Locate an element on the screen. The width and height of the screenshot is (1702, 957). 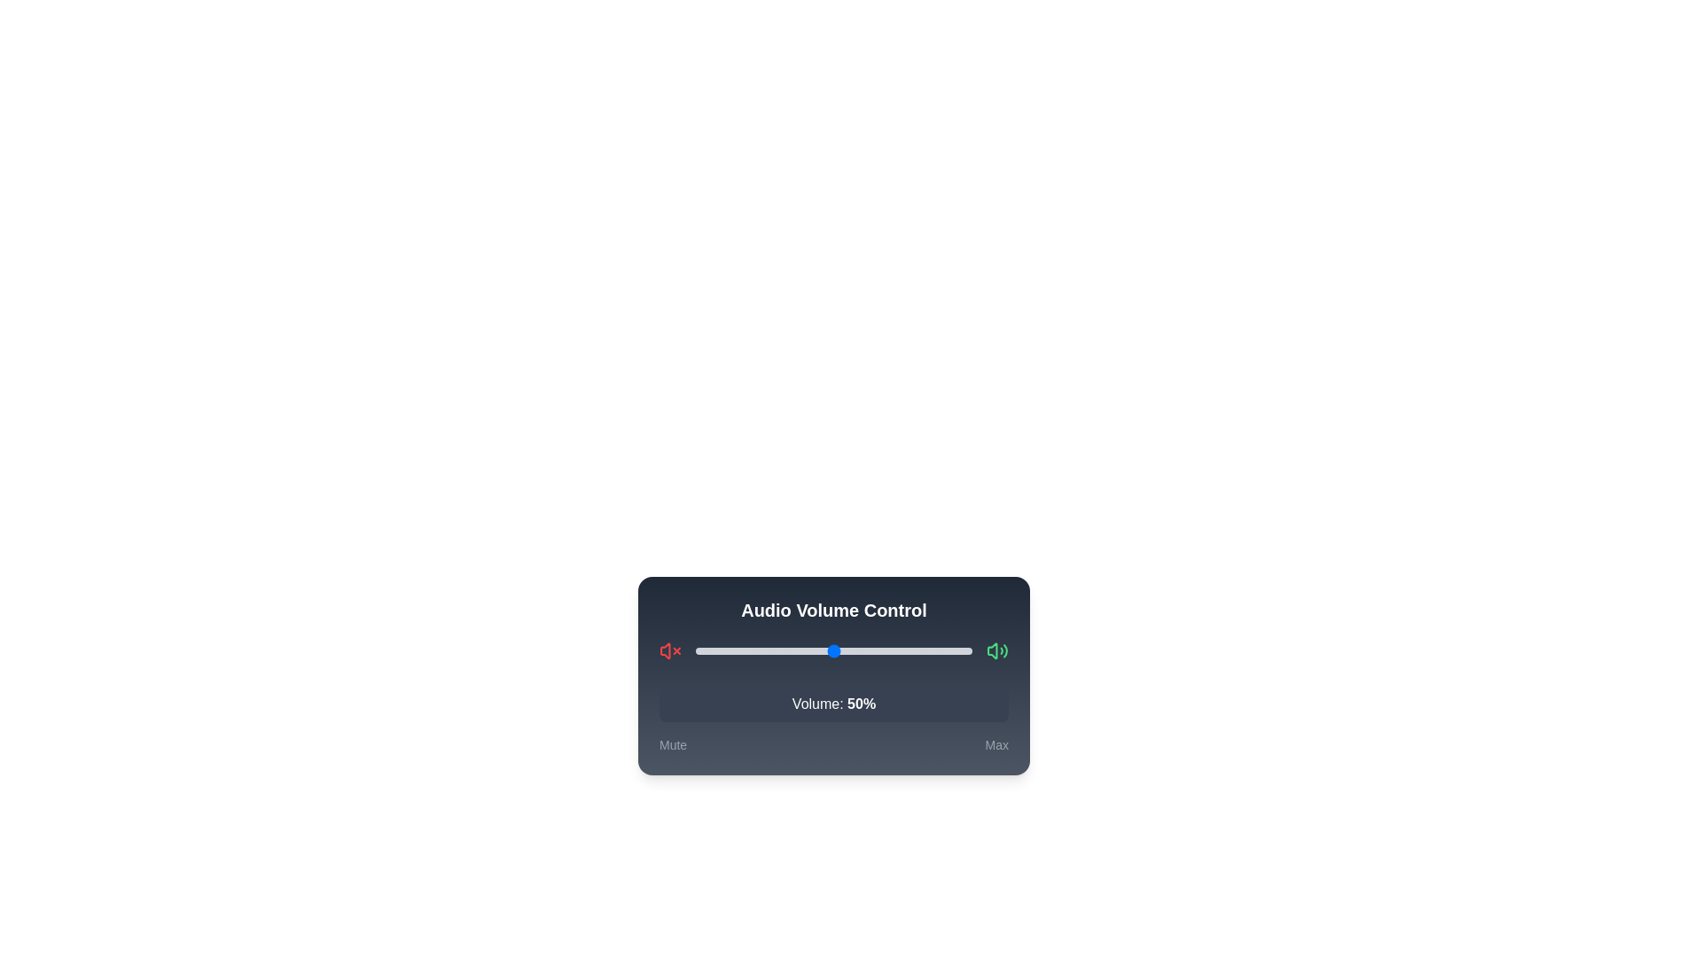
the slider to set the volume to 1% is located at coordinates (698, 651).